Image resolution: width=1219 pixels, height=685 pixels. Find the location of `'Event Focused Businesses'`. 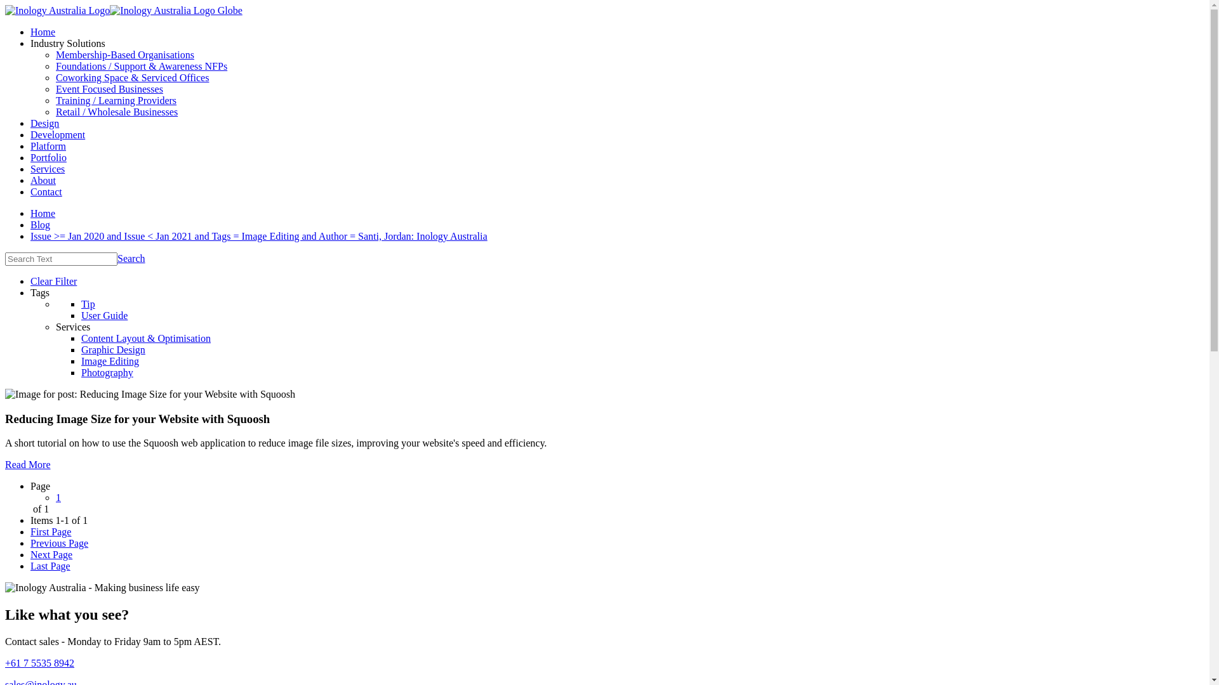

'Event Focused Businesses' is located at coordinates (55, 88).